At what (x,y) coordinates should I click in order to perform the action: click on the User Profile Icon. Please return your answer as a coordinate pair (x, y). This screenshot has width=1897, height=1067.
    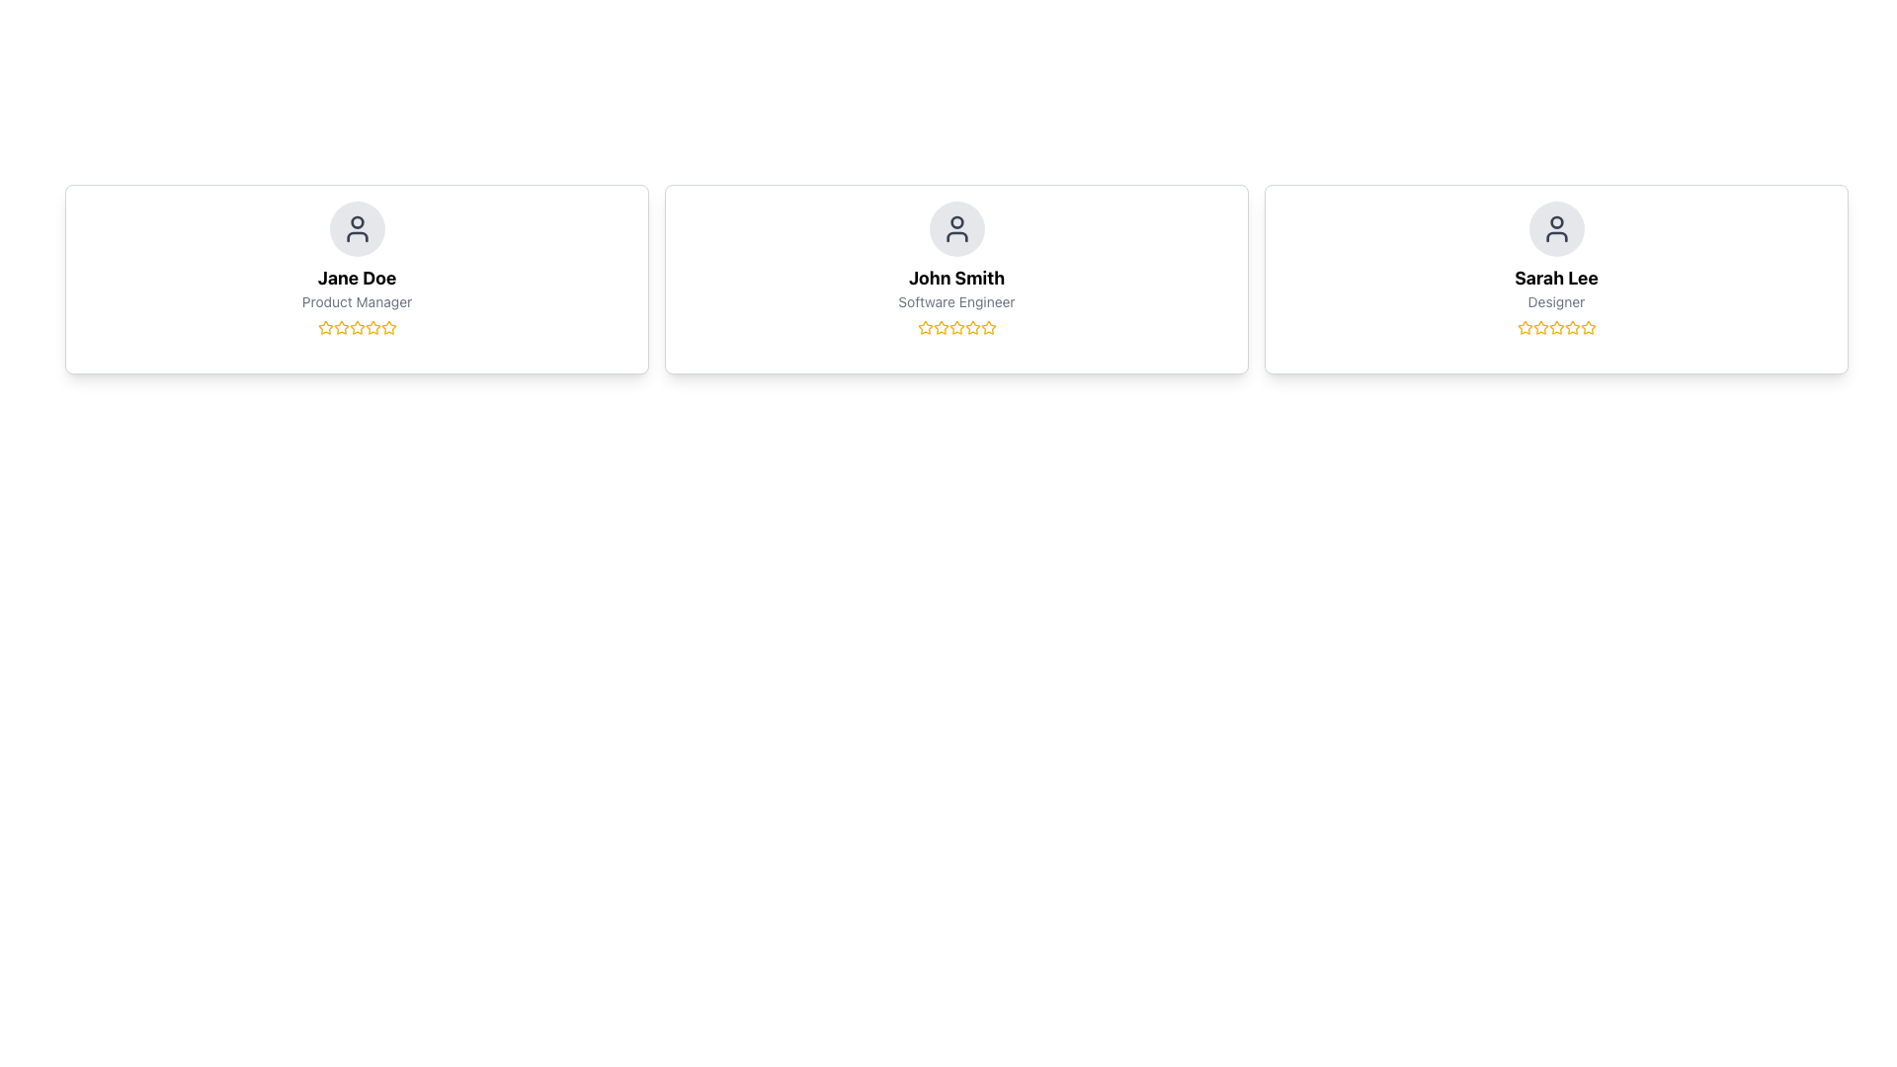
    Looking at the image, I should click on (956, 227).